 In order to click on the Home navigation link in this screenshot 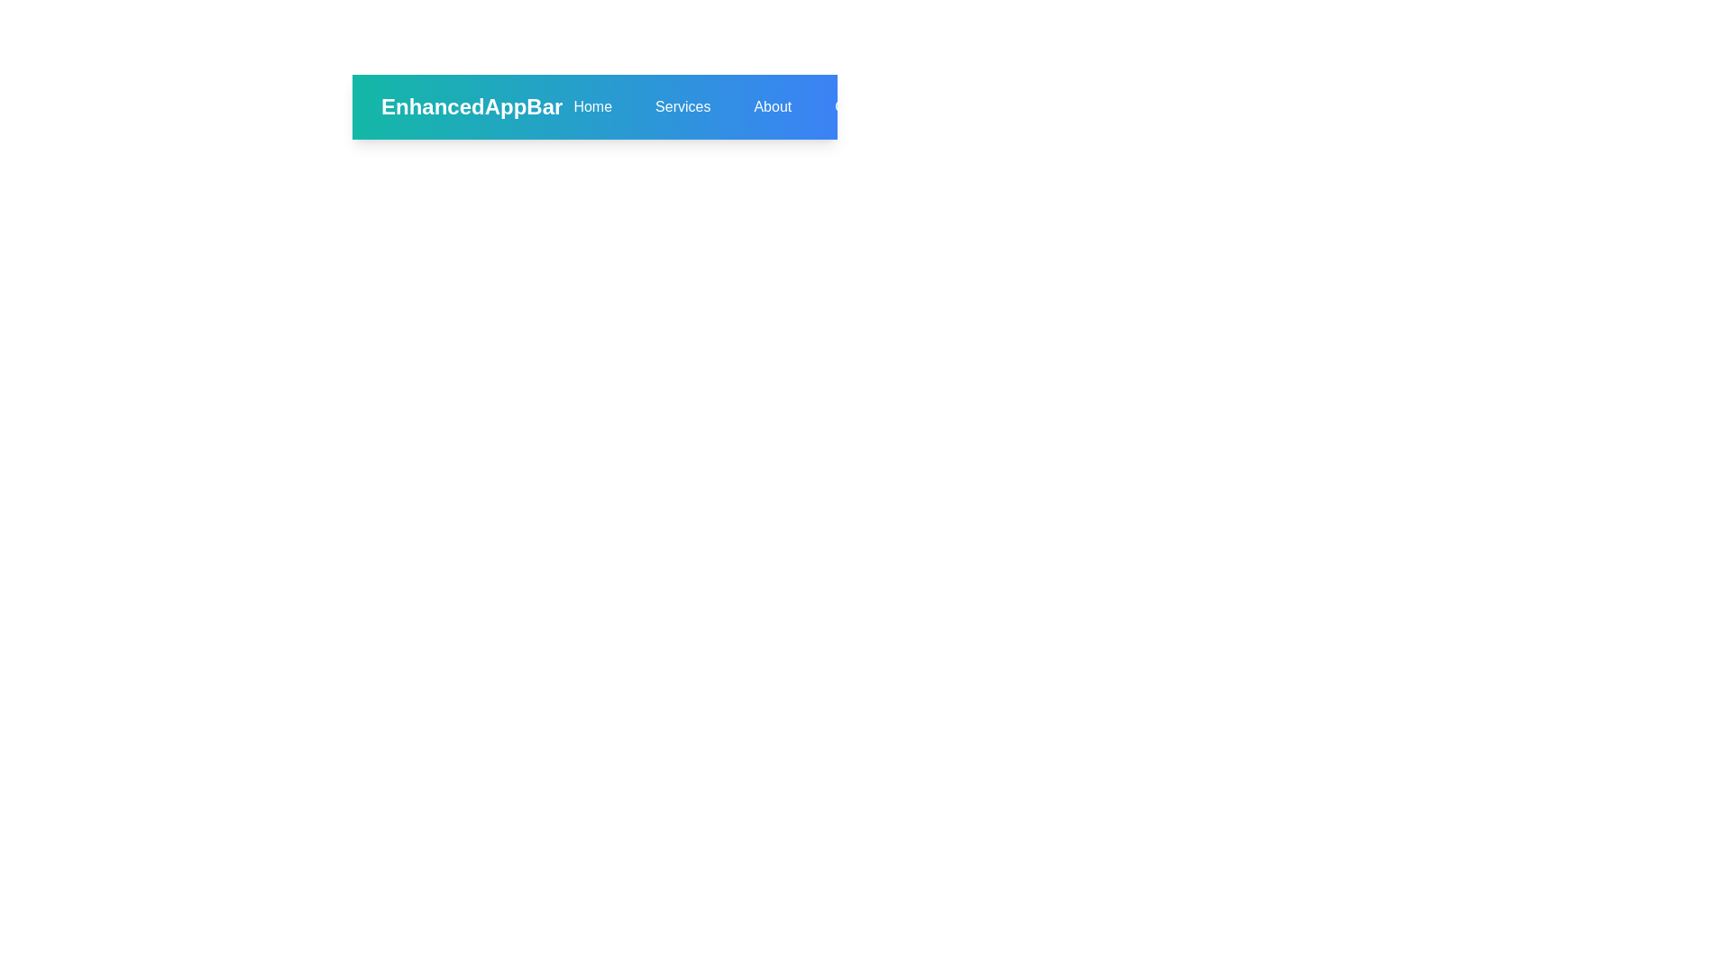, I will do `click(592, 107)`.